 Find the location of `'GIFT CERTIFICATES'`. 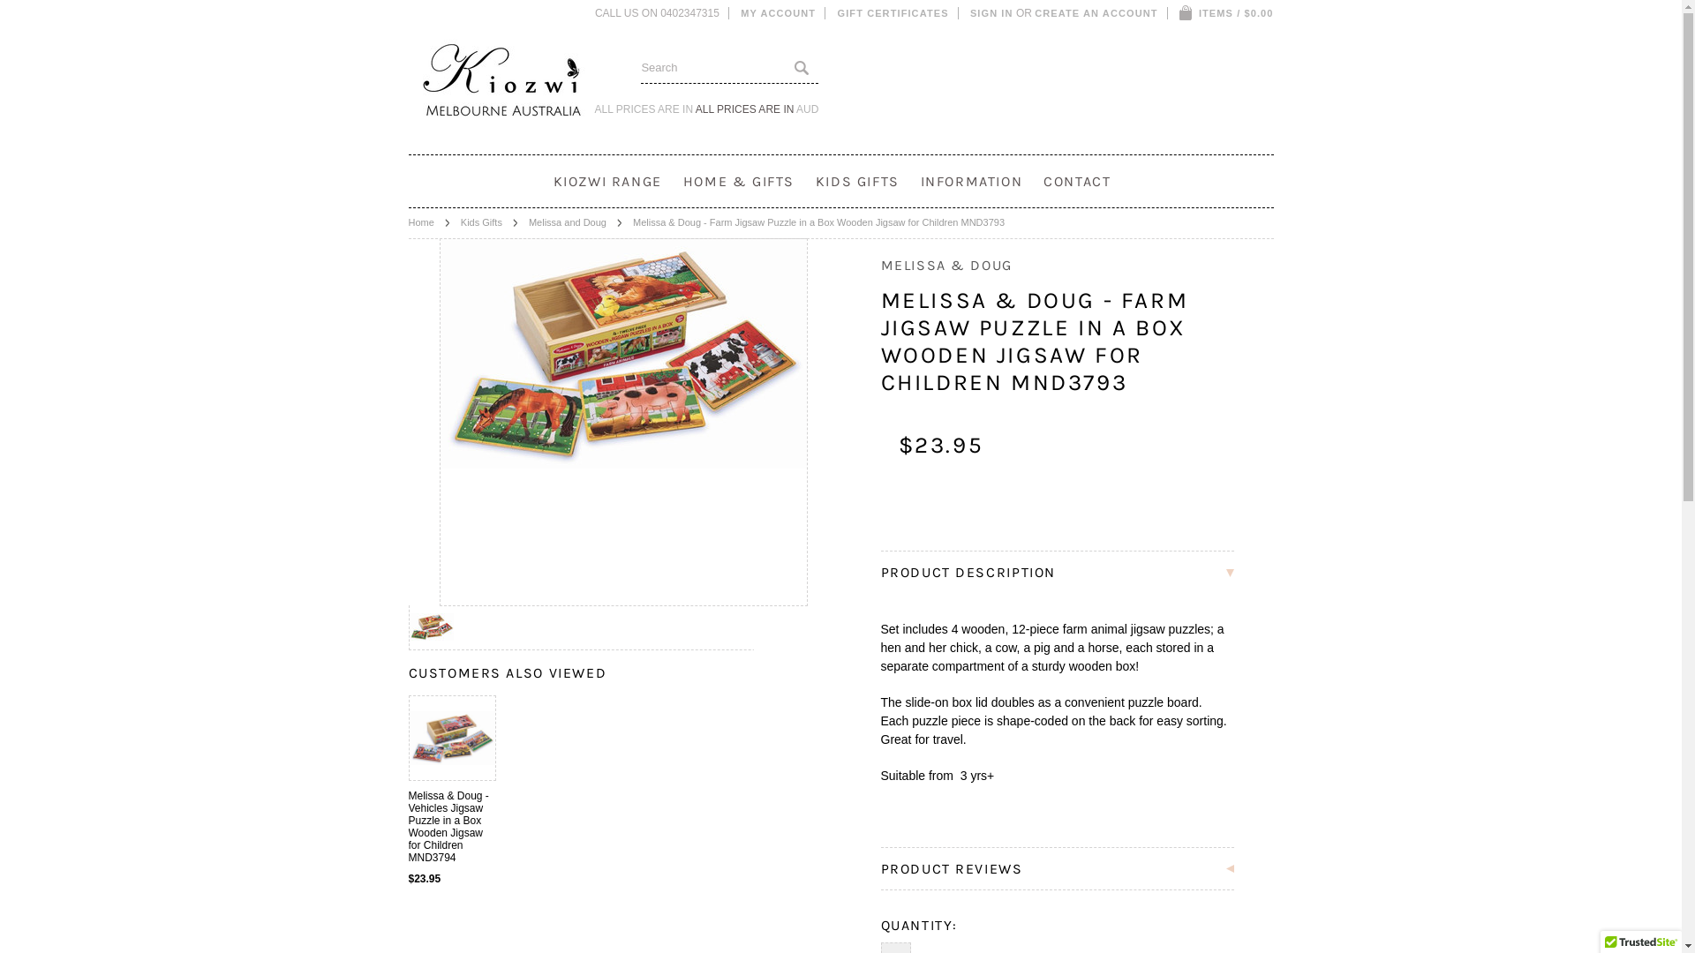

'GIFT CERTIFICATES' is located at coordinates (893, 13).